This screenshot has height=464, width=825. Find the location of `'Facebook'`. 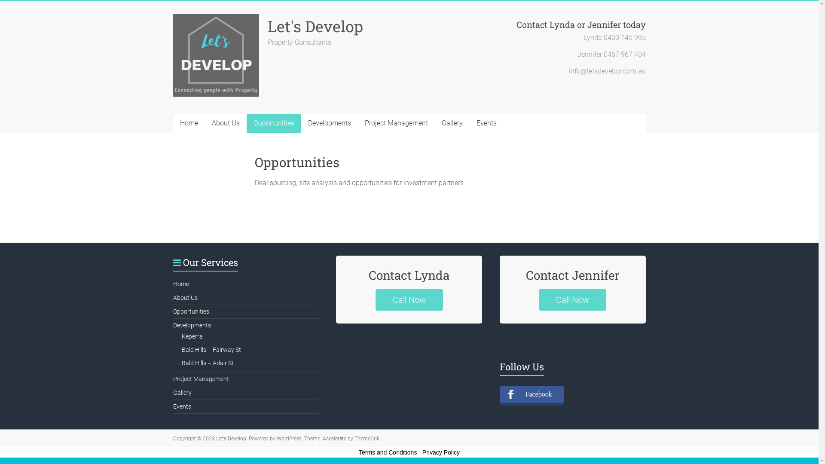

'Facebook' is located at coordinates (499, 394).